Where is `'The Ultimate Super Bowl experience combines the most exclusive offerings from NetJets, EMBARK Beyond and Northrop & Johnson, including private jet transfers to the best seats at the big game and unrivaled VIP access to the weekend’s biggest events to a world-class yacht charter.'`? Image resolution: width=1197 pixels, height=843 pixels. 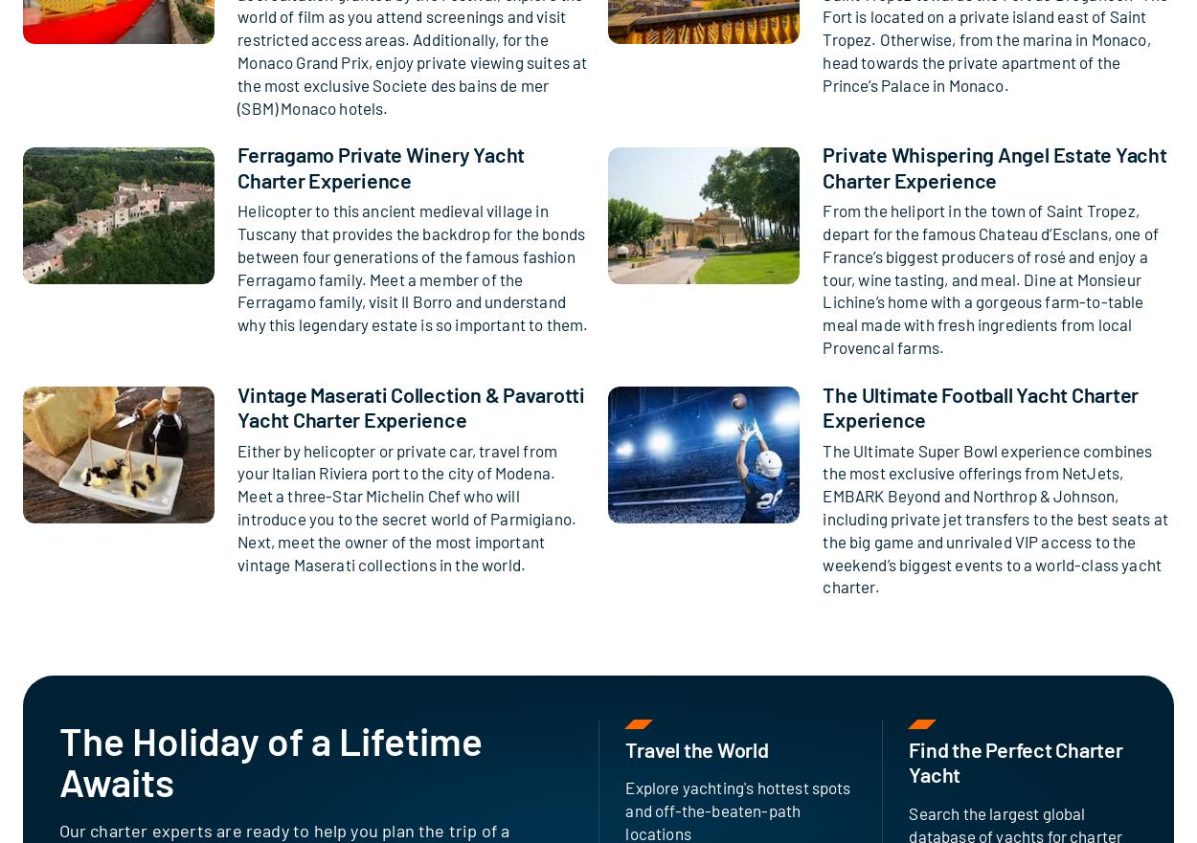 'The Ultimate Super Bowl experience combines the most exclusive offerings from NetJets, EMBARK Beyond and Northrop & Johnson, including private jet transfers to the best seats at the big game and unrivaled VIP access to the weekend’s biggest events to a world-class yacht charter.' is located at coordinates (995, 518).